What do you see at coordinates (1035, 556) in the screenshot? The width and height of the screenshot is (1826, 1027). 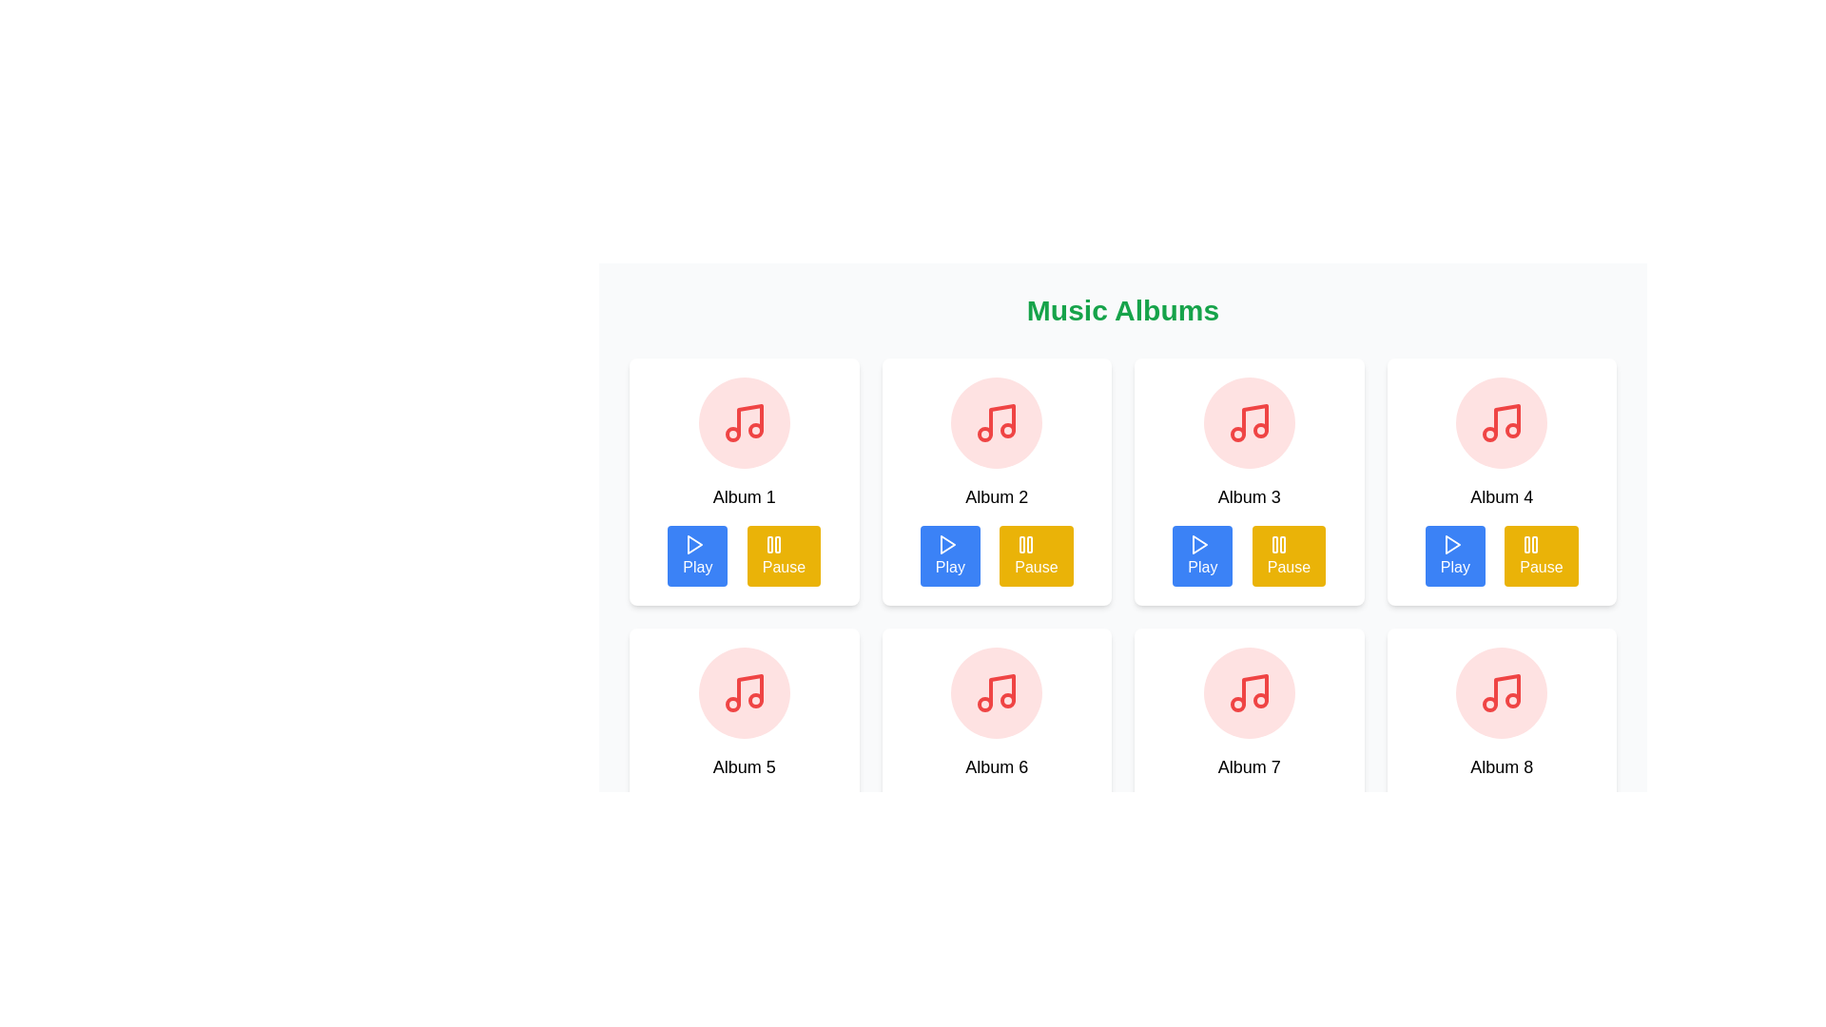 I see `the pause button located in the second column of the grid layout for Album 2 to halt ongoing music playback` at bounding box center [1035, 556].